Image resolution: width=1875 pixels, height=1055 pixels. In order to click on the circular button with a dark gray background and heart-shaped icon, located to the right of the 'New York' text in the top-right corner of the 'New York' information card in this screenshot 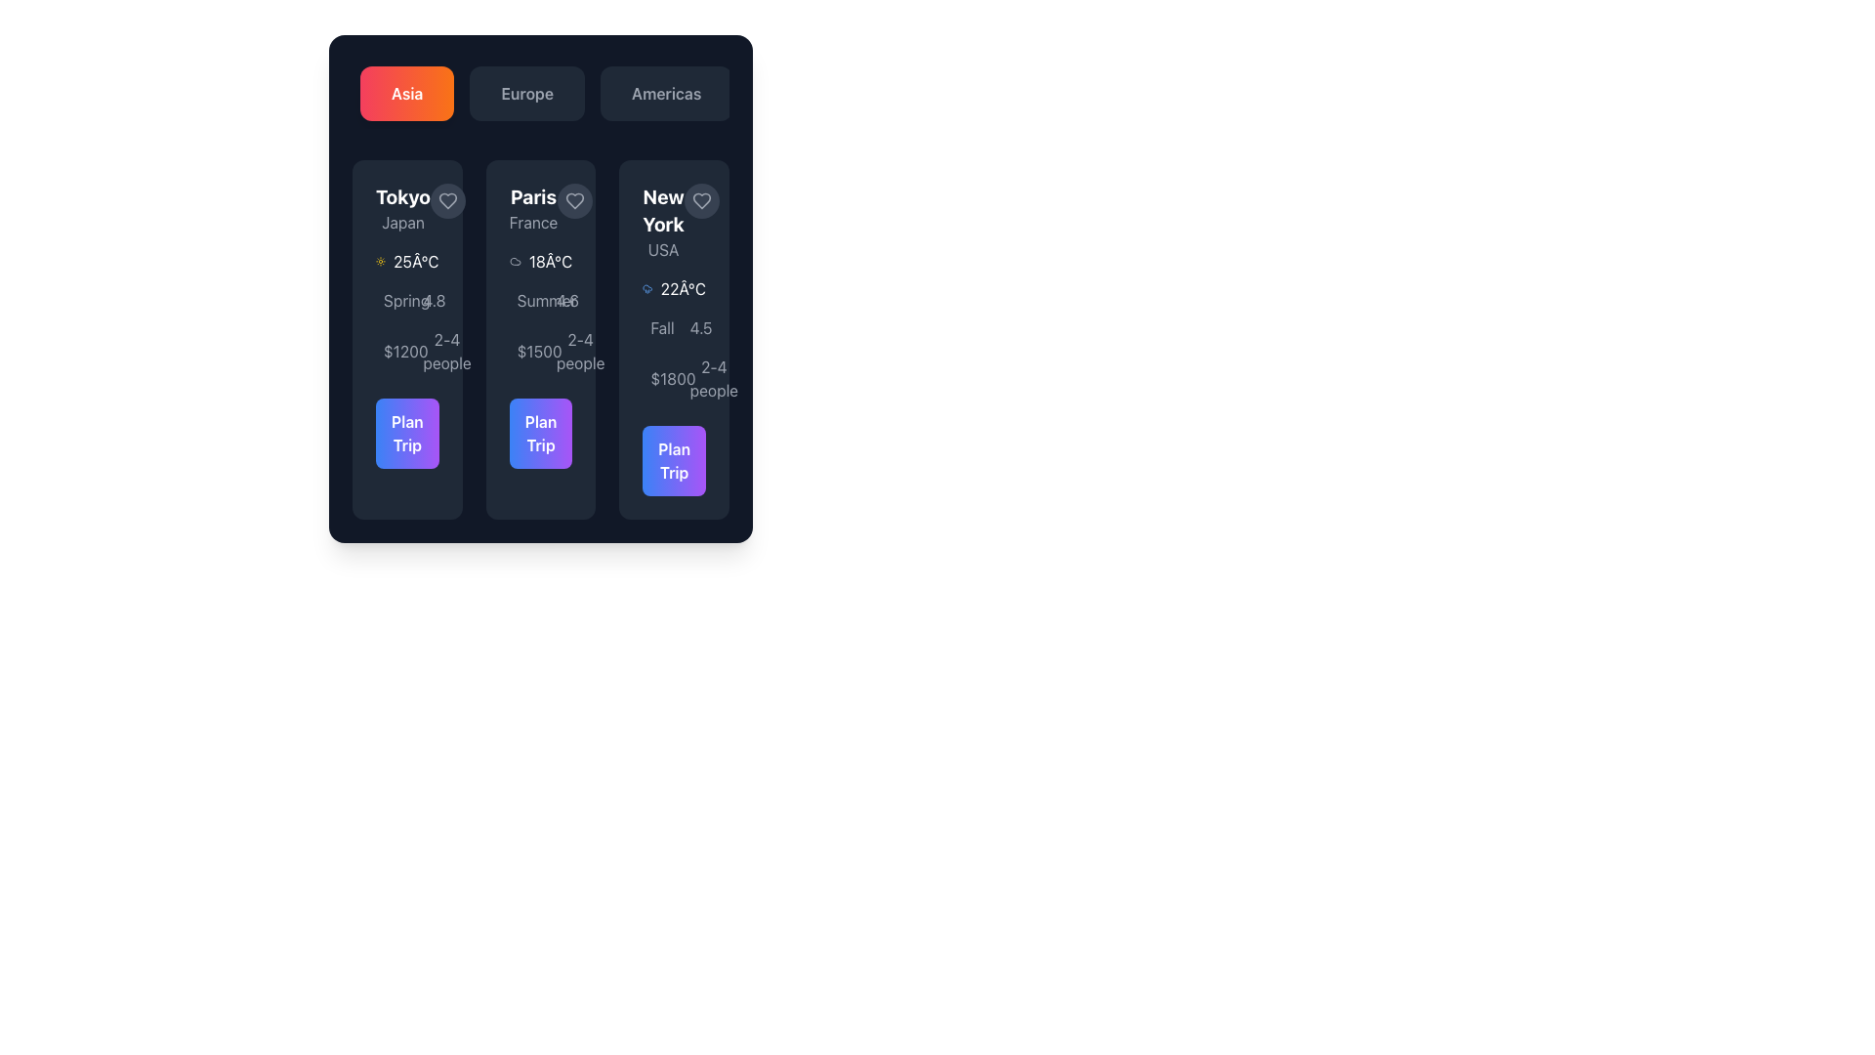, I will do `click(701, 200)`.